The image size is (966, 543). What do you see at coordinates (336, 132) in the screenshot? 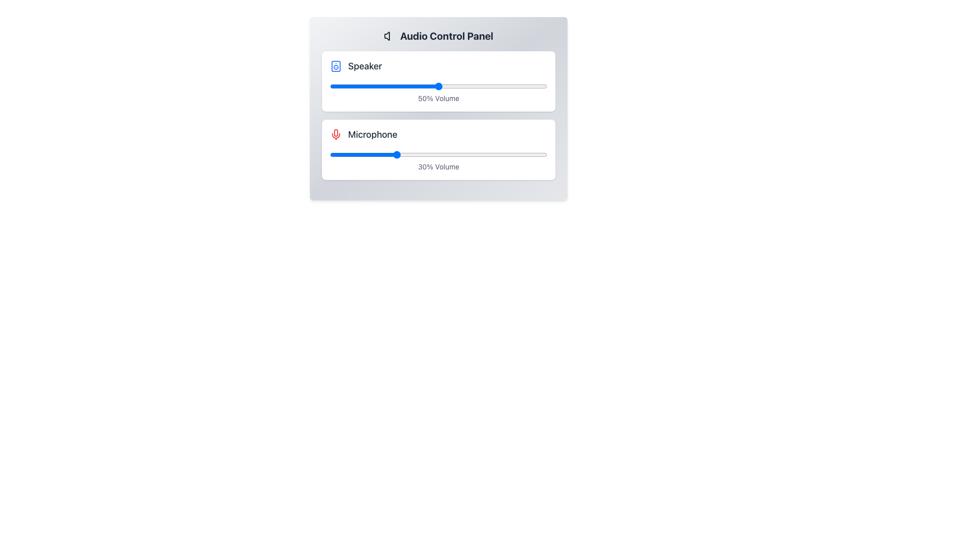
I see `the stylized red microphone icon located next to the 'Microphone' label in the 'Audio Control Panel' widget` at bounding box center [336, 132].